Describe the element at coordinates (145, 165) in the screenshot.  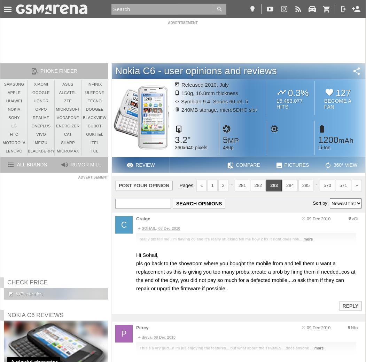
I see `'Review'` at that location.